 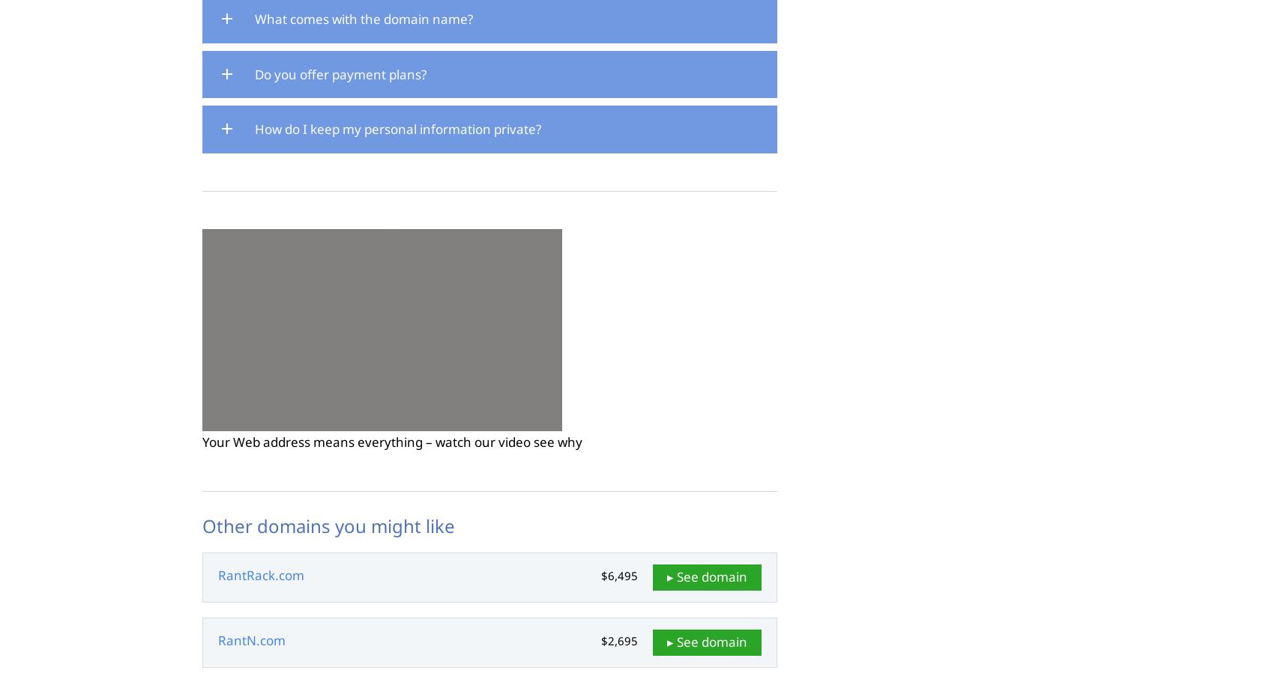 What do you see at coordinates (618, 641) in the screenshot?
I see `'$2,695'` at bounding box center [618, 641].